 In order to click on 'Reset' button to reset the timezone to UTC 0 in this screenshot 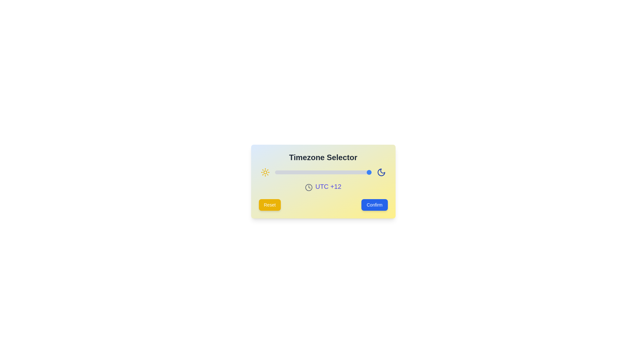, I will do `click(270, 205)`.